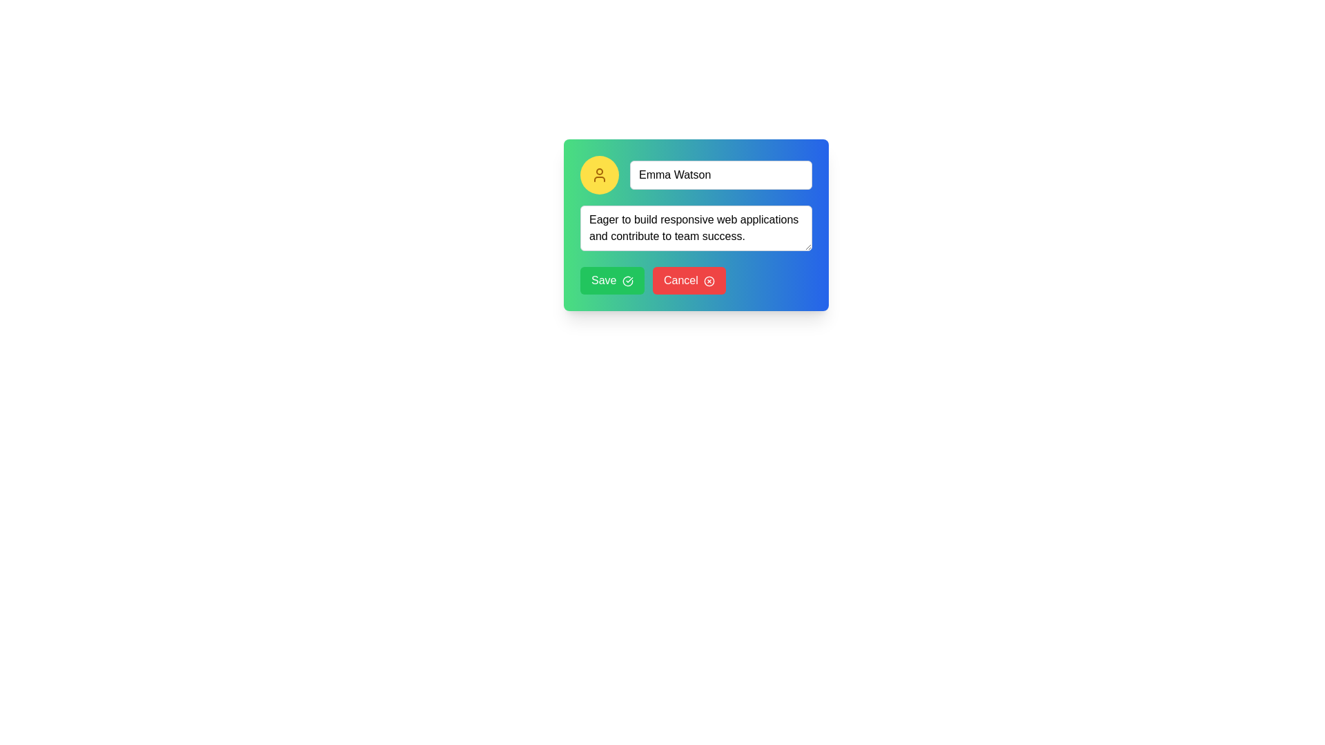 The width and height of the screenshot is (1325, 745). Describe the element at coordinates (627, 280) in the screenshot. I see `details associated with the circular checkmark icon within the 'Save' button located in the lower left section of the interface` at that location.